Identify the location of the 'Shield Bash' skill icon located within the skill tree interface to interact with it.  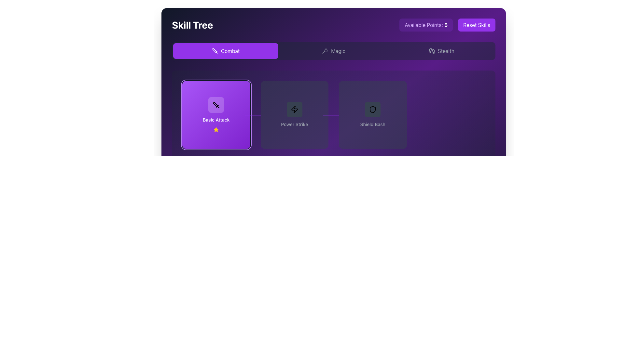
(373, 109).